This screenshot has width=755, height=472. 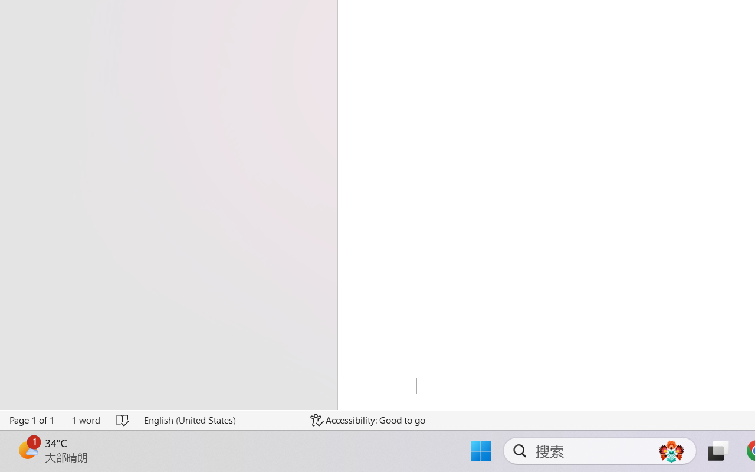 What do you see at coordinates (123, 419) in the screenshot?
I see `'Spelling and Grammar Check No Errors'` at bounding box center [123, 419].